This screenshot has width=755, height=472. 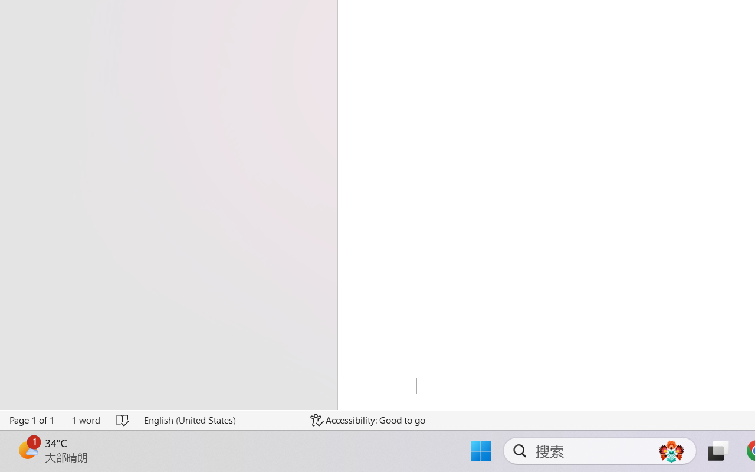 What do you see at coordinates (123, 419) in the screenshot?
I see `'Spelling and Grammar Check No Errors'` at bounding box center [123, 419].